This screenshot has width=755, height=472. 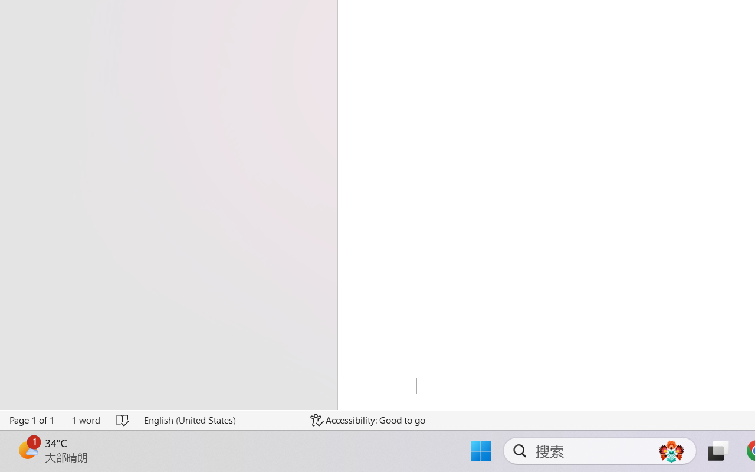 What do you see at coordinates (123, 419) in the screenshot?
I see `'Spelling and Grammar Check No Errors'` at bounding box center [123, 419].